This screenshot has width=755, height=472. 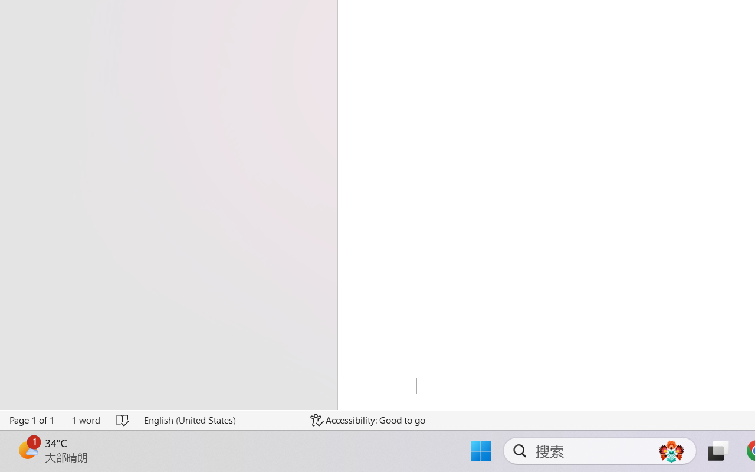 What do you see at coordinates (123, 419) in the screenshot?
I see `'Spelling and Grammar Check No Errors'` at bounding box center [123, 419].